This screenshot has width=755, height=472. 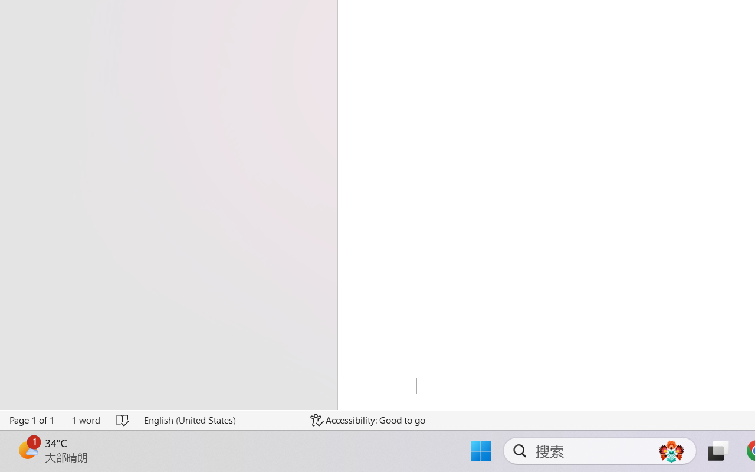 What do you see at coordinates (123, 419) in the screenshot?
I see `'Spelling and Grammar Check No Errors'` at bounding box center [123, 419].